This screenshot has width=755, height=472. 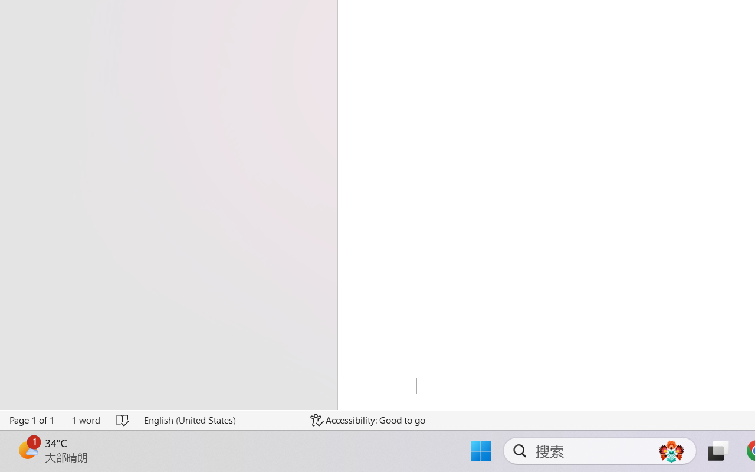 What do you see at coordinates (123, 419) in the screenshot?
I see `'Spelling and Grammar Check No Errors'` at bounding box center [123, 419].